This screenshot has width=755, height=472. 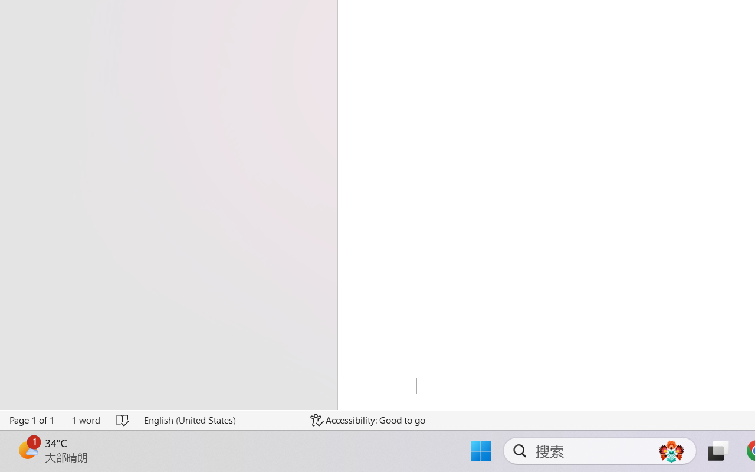 What do you see at coordinates (123, 419) in the screenshot?
I see `'Spelling and Grammar Check No Errors'` at bounding box center [123, 419].